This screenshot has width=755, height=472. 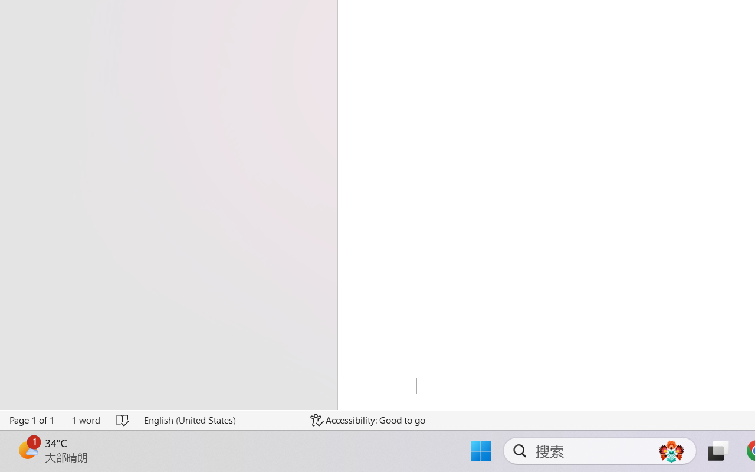 What do you see at coordinates (123, 419) in the screenshot?
I see `'Spelling and Grammar Check No Errors'` at bounding box center [123, 419].